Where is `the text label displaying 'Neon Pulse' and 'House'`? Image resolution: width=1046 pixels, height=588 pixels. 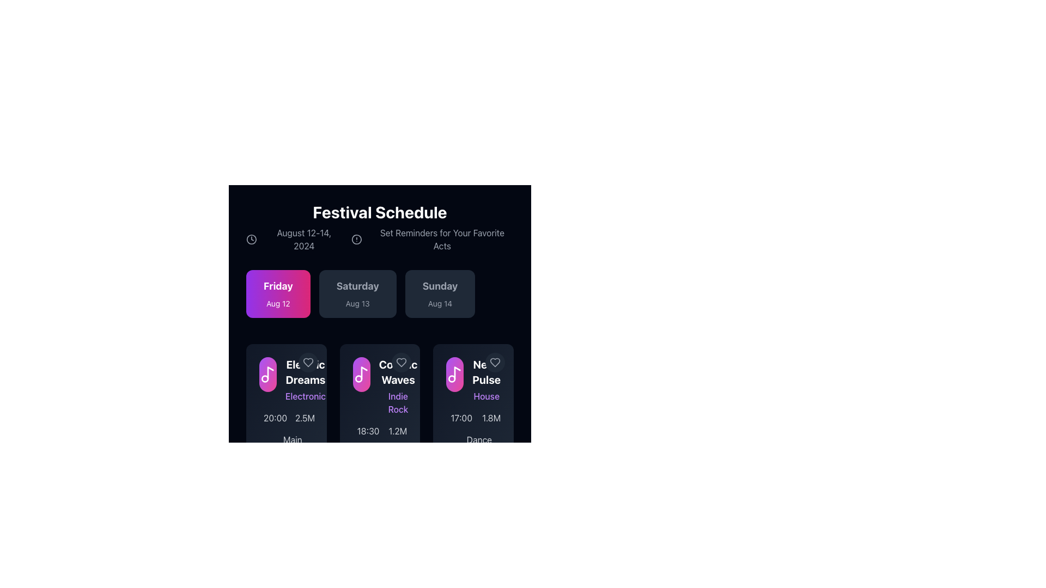 the text label displaying 'Neon Pulse' and 'House' is located at coordinates (486, 379).